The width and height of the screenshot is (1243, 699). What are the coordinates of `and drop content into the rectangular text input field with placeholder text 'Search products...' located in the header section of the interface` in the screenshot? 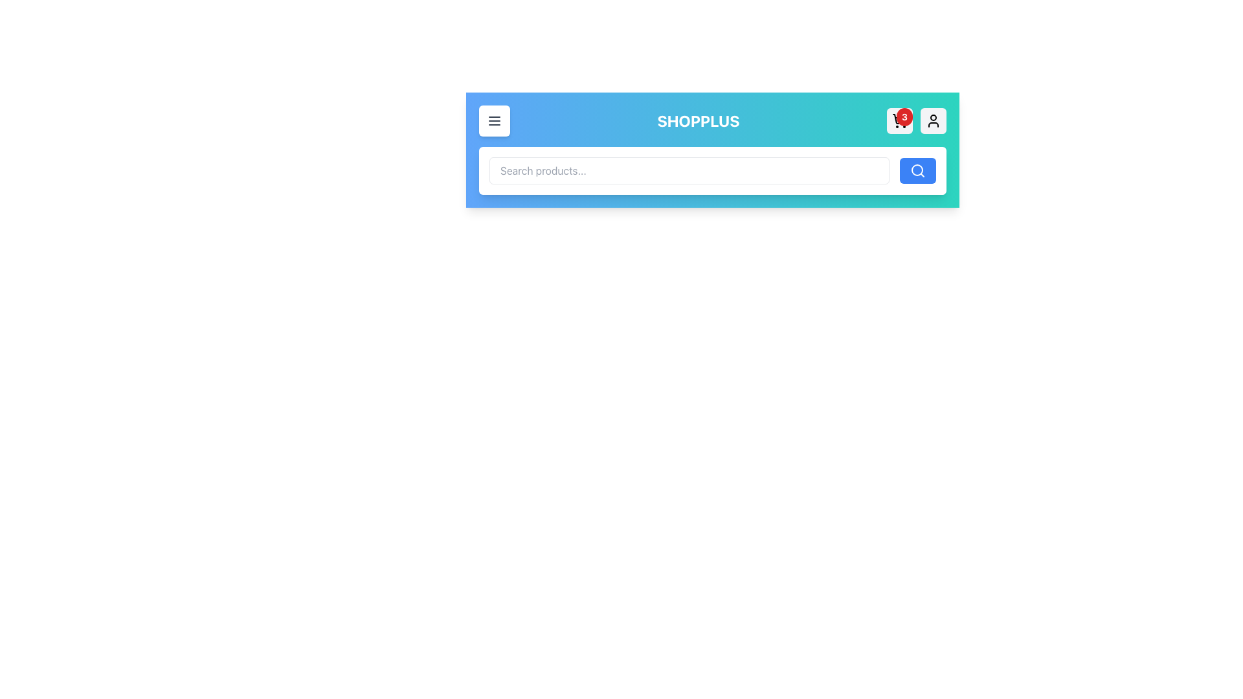 It's located at (689, 170).